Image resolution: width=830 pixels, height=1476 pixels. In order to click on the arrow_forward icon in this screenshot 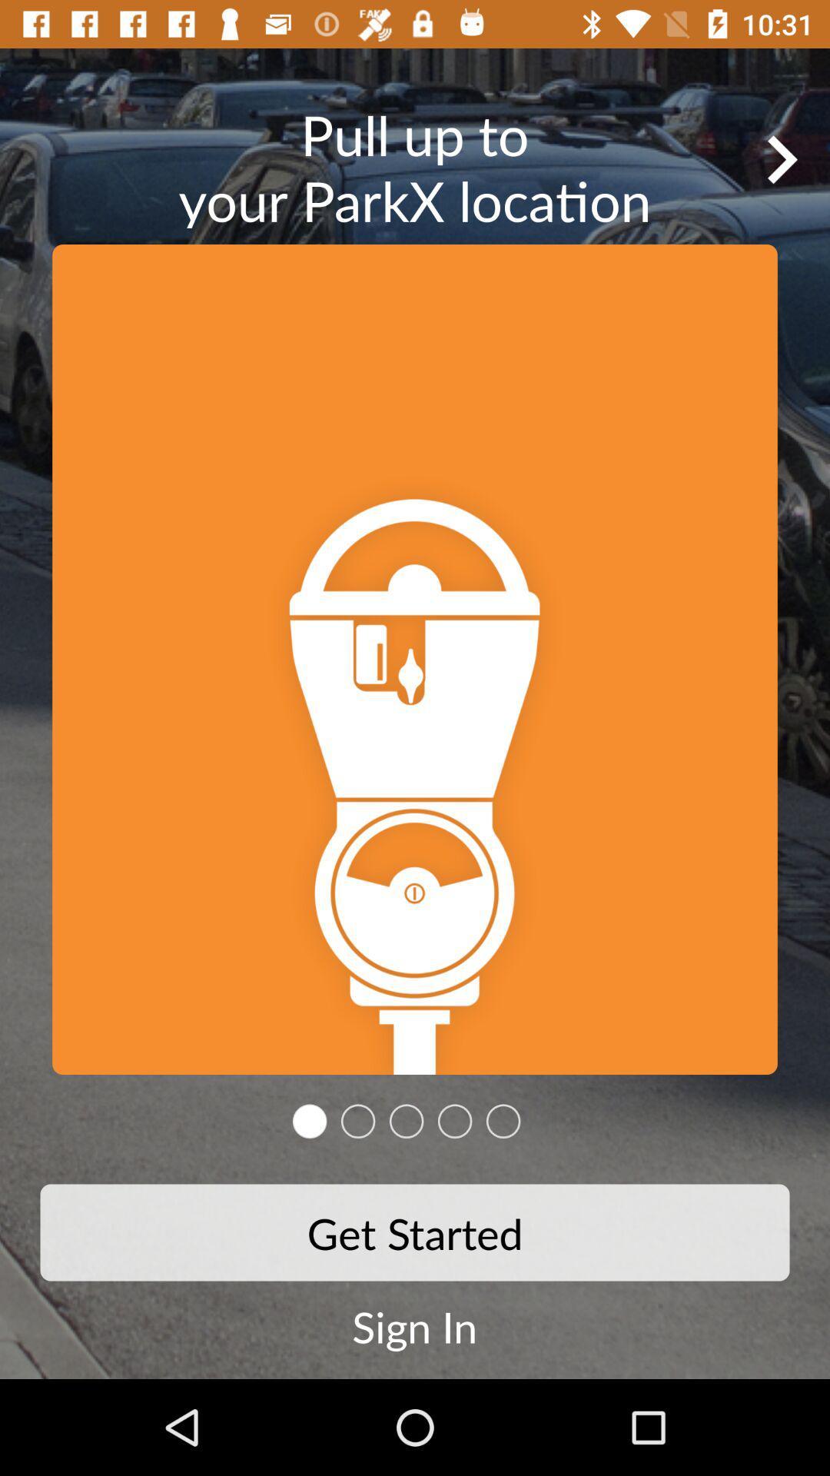, I will do `click(782, 159)`.